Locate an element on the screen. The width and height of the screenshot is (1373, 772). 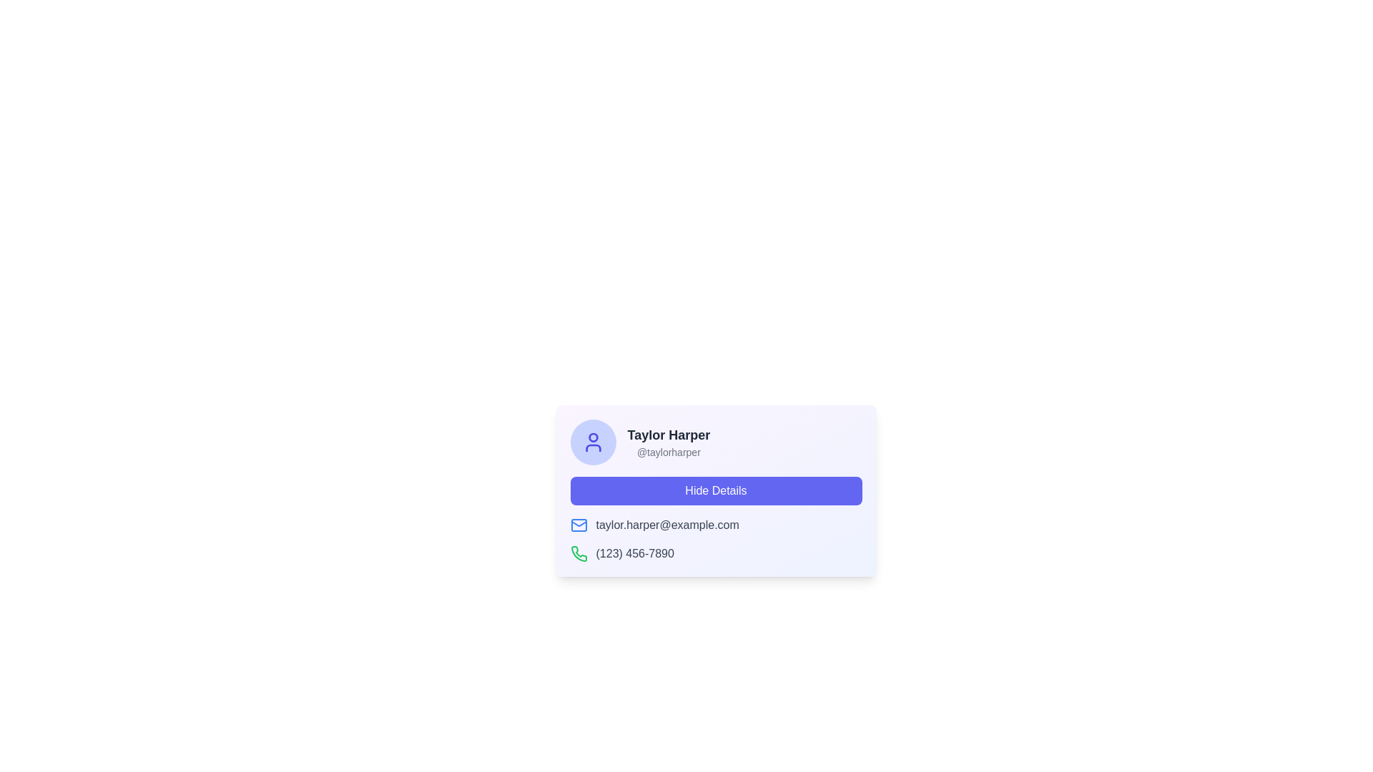
the email access icon located in the bottom right quadrant of the contact card, which is positioned left of the email address text and beneath the 'Hide Details' button is located at coordinates (579, 523).